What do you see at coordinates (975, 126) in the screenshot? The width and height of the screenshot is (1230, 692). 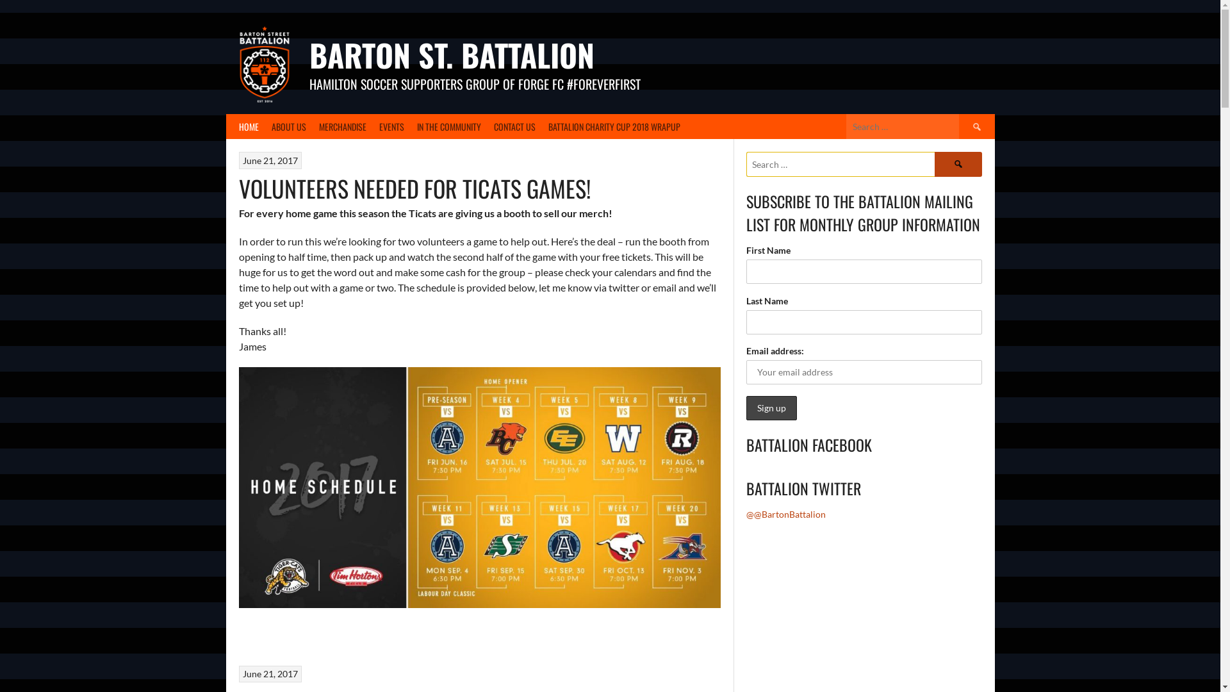 I see `'Search'` at bounding box center [975, 126].